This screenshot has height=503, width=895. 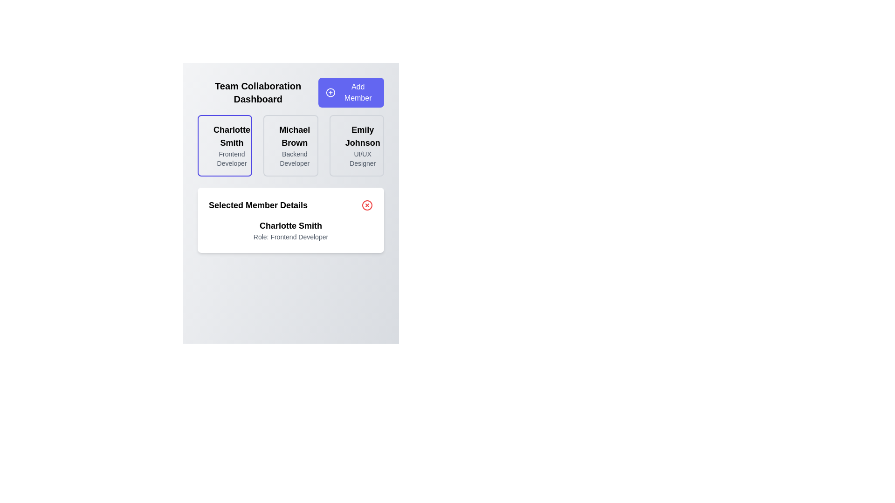 What do you see at coordinates (258, 204) in the screenshot?
I see `heading text of the Text Label located in the 'Selected Member Details' section, which is positioned at the top-left corner before other components` at bounding box center [258, 204].